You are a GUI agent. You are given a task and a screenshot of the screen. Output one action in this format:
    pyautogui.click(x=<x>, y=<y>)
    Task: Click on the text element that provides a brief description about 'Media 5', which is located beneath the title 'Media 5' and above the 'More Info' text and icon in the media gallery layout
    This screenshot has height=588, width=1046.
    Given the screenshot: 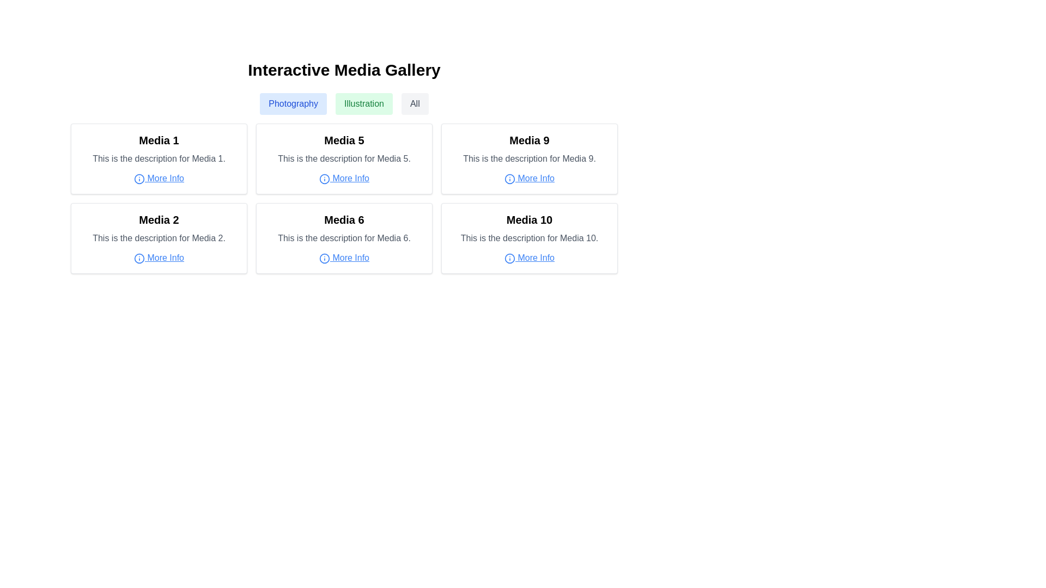 What is the action you would take?
    pyautogui.click(x=344, y=159)
    